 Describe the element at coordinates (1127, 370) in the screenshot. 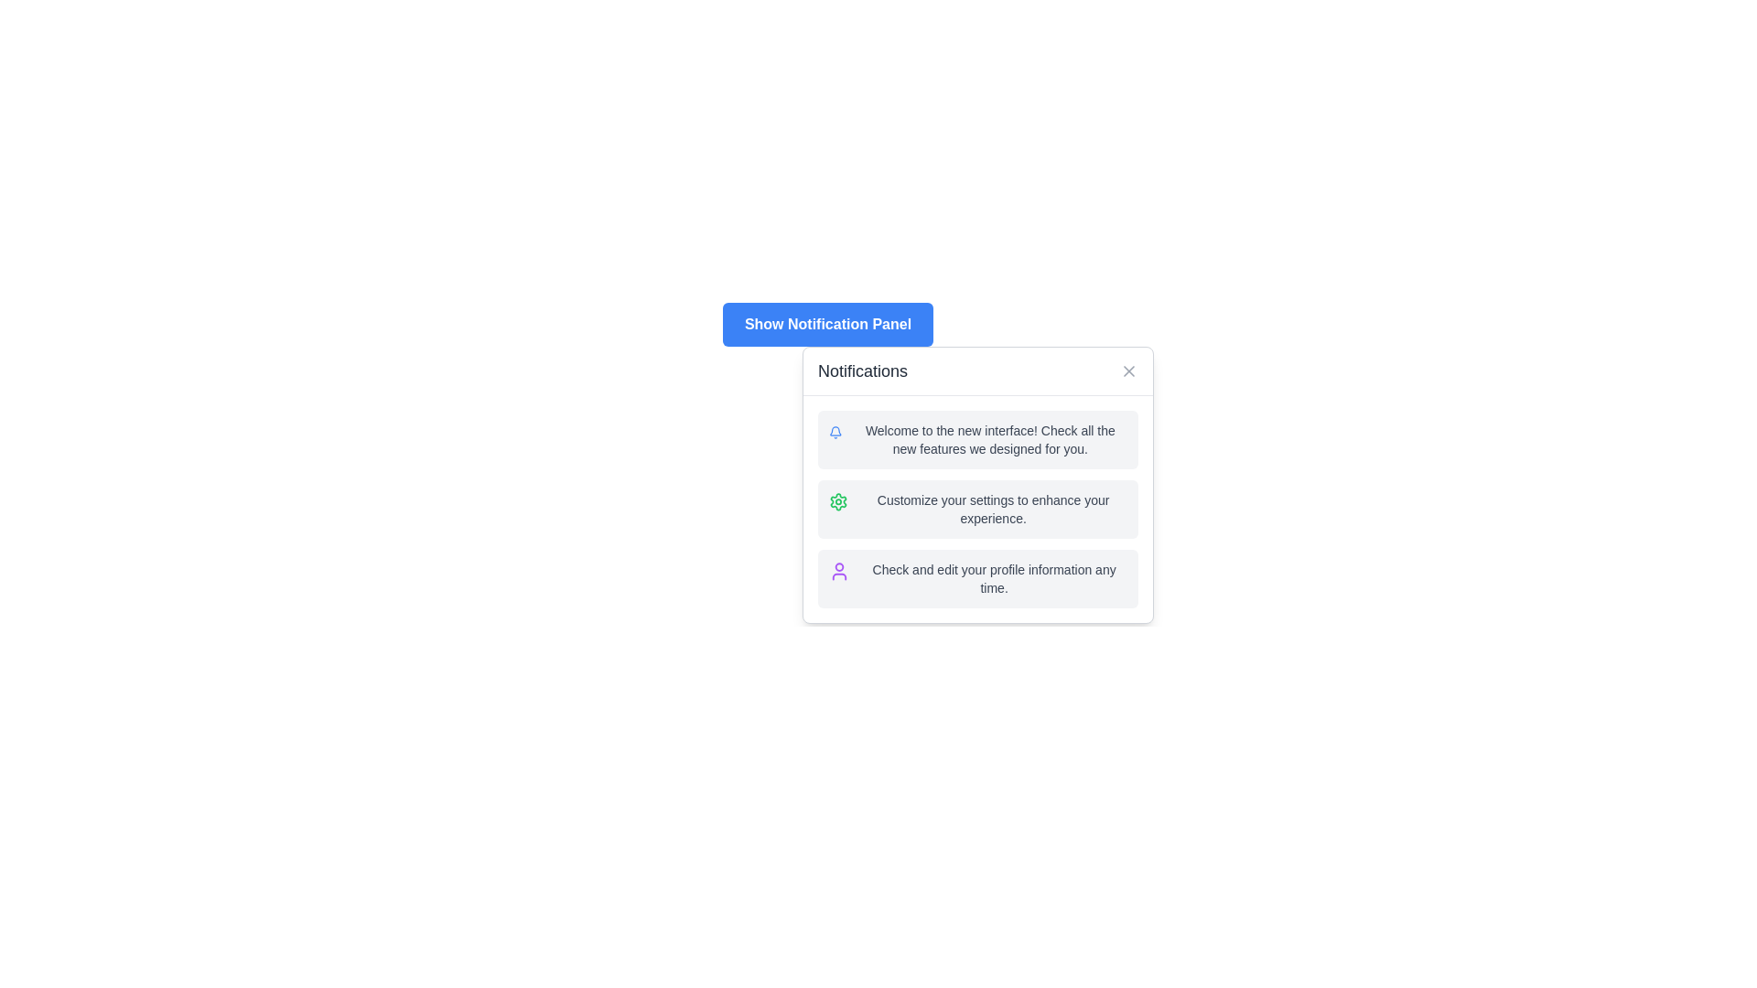

I see `the Close Button icon located in the top-right corner of the notification card` at that location.